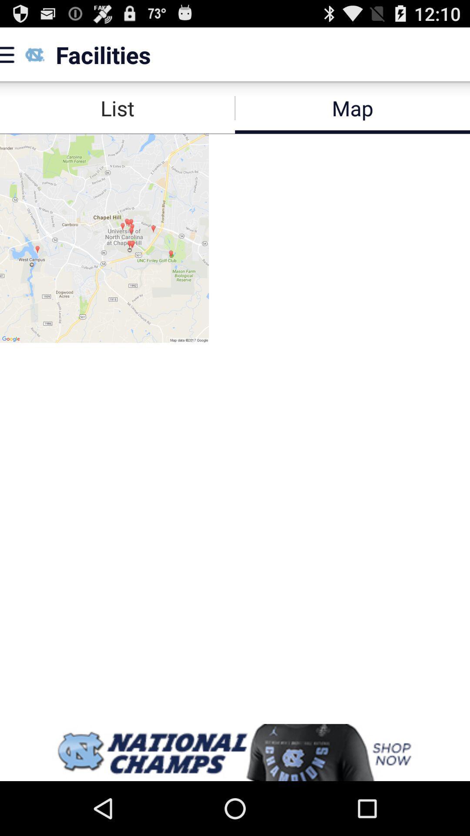 The width and height of the screenshot is (470, 836). What do you see at coordinates (235, 752) in the screenshot?
I see `advertisement display` at bounding box center [235, 752].